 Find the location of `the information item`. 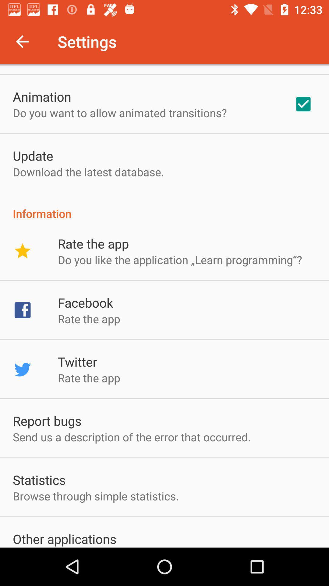

the information item is located at coordinates (164, 207).